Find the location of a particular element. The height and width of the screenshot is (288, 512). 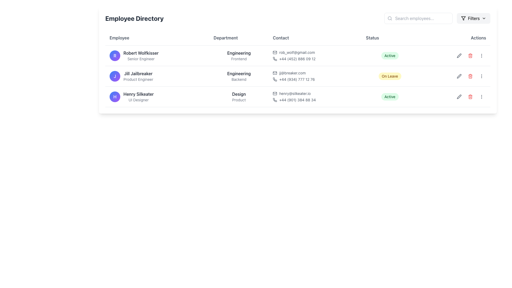

the Icon button located in the 'Actions' column is located at coordinates (459, 55).